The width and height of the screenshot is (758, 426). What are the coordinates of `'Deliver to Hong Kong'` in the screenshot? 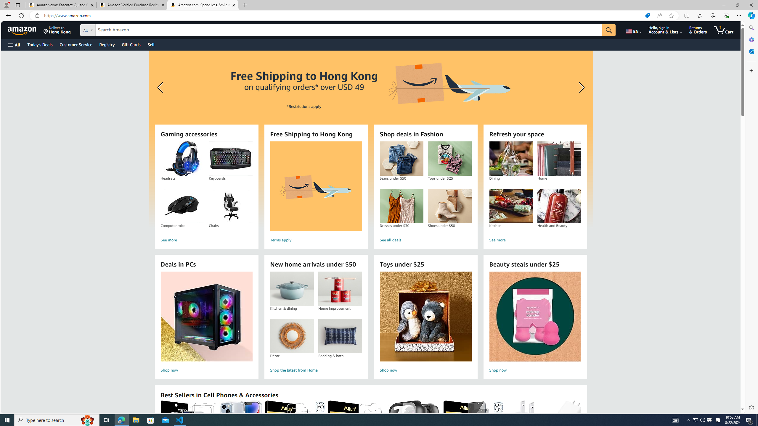 It's located at (57, 30).